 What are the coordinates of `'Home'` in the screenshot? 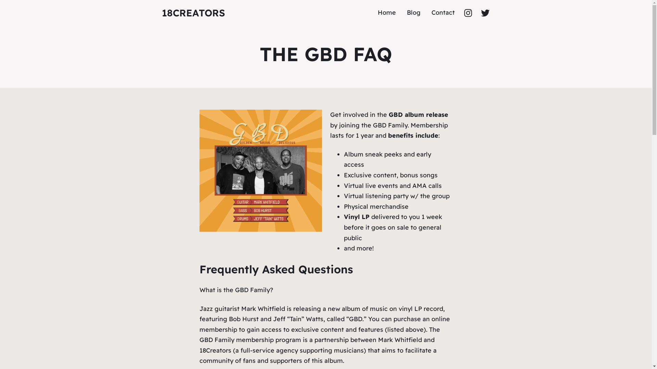 It's located at (387, 13).